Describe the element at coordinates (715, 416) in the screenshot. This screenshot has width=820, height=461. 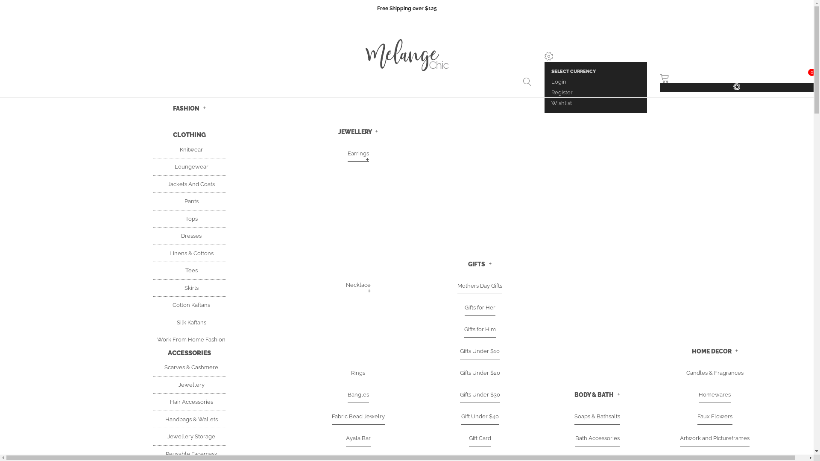
I see `'Faux Flowers'` at that location.